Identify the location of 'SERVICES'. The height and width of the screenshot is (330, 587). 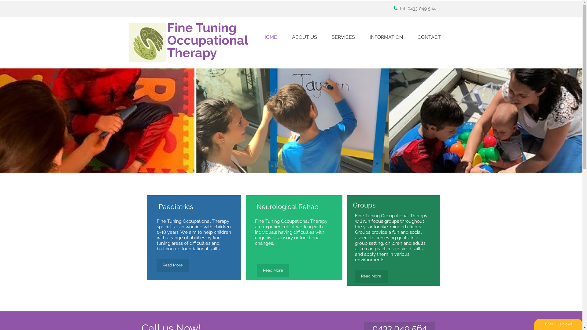
(343, 37).